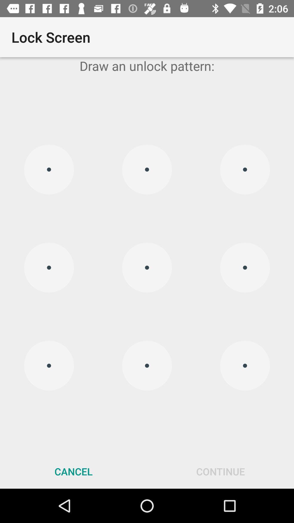  I want to click on icon at the bottom right corner, so click(220, 471).